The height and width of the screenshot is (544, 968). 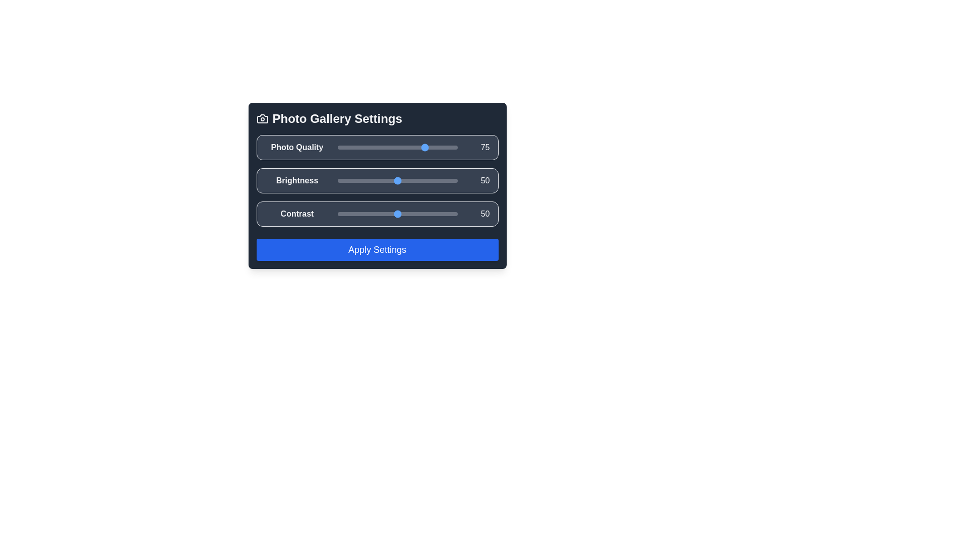 What do you see at coordinates (349, 213) in the screenshot?
I see `the contrast level` at bounding box center [349, 213].